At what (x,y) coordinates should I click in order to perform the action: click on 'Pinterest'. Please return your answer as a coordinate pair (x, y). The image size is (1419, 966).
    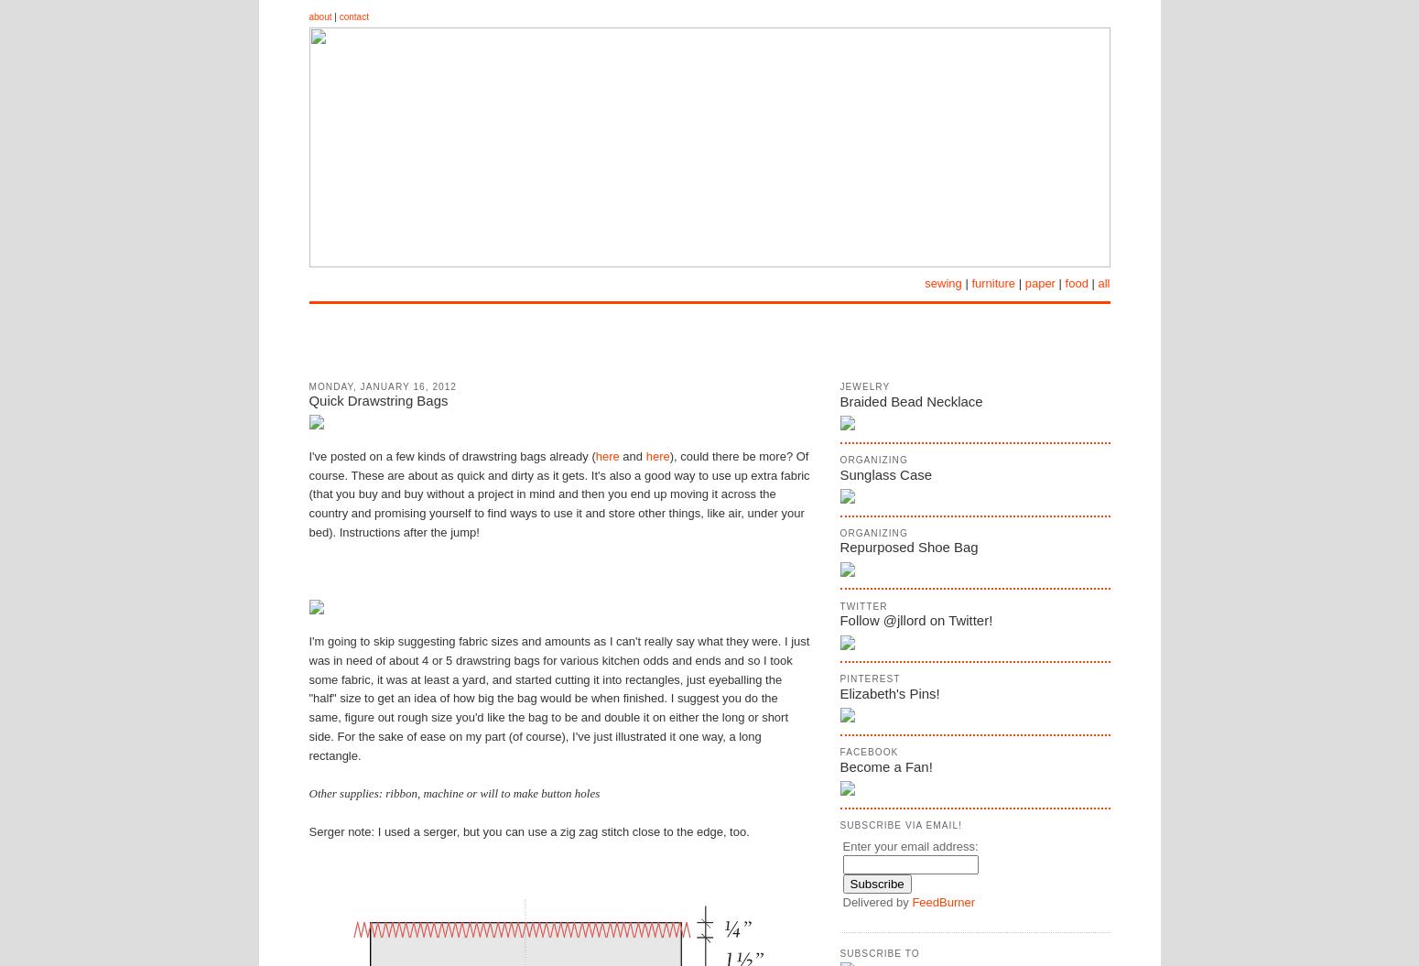
    Looking at the image, I should click on (868, 678).